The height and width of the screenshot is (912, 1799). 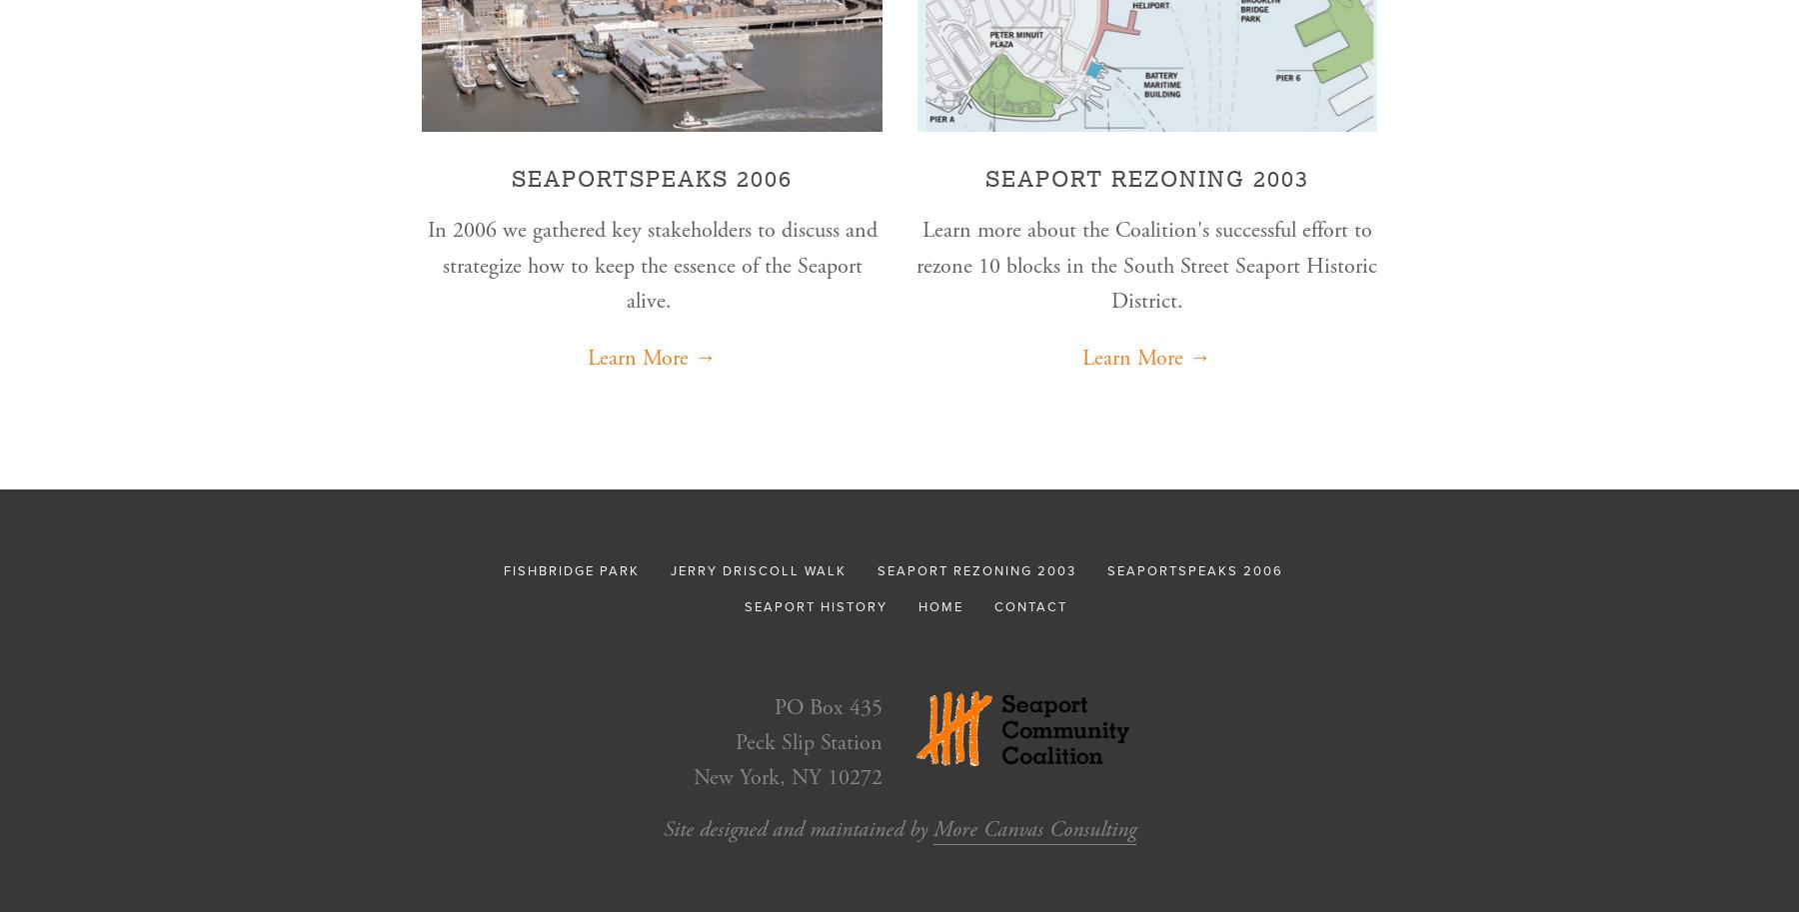 I want to click on 'Learn more about the Coalition's successful effort to rezone 10 blocks in the South Street Seaport Historic District.', so click(x=1145, y=265).